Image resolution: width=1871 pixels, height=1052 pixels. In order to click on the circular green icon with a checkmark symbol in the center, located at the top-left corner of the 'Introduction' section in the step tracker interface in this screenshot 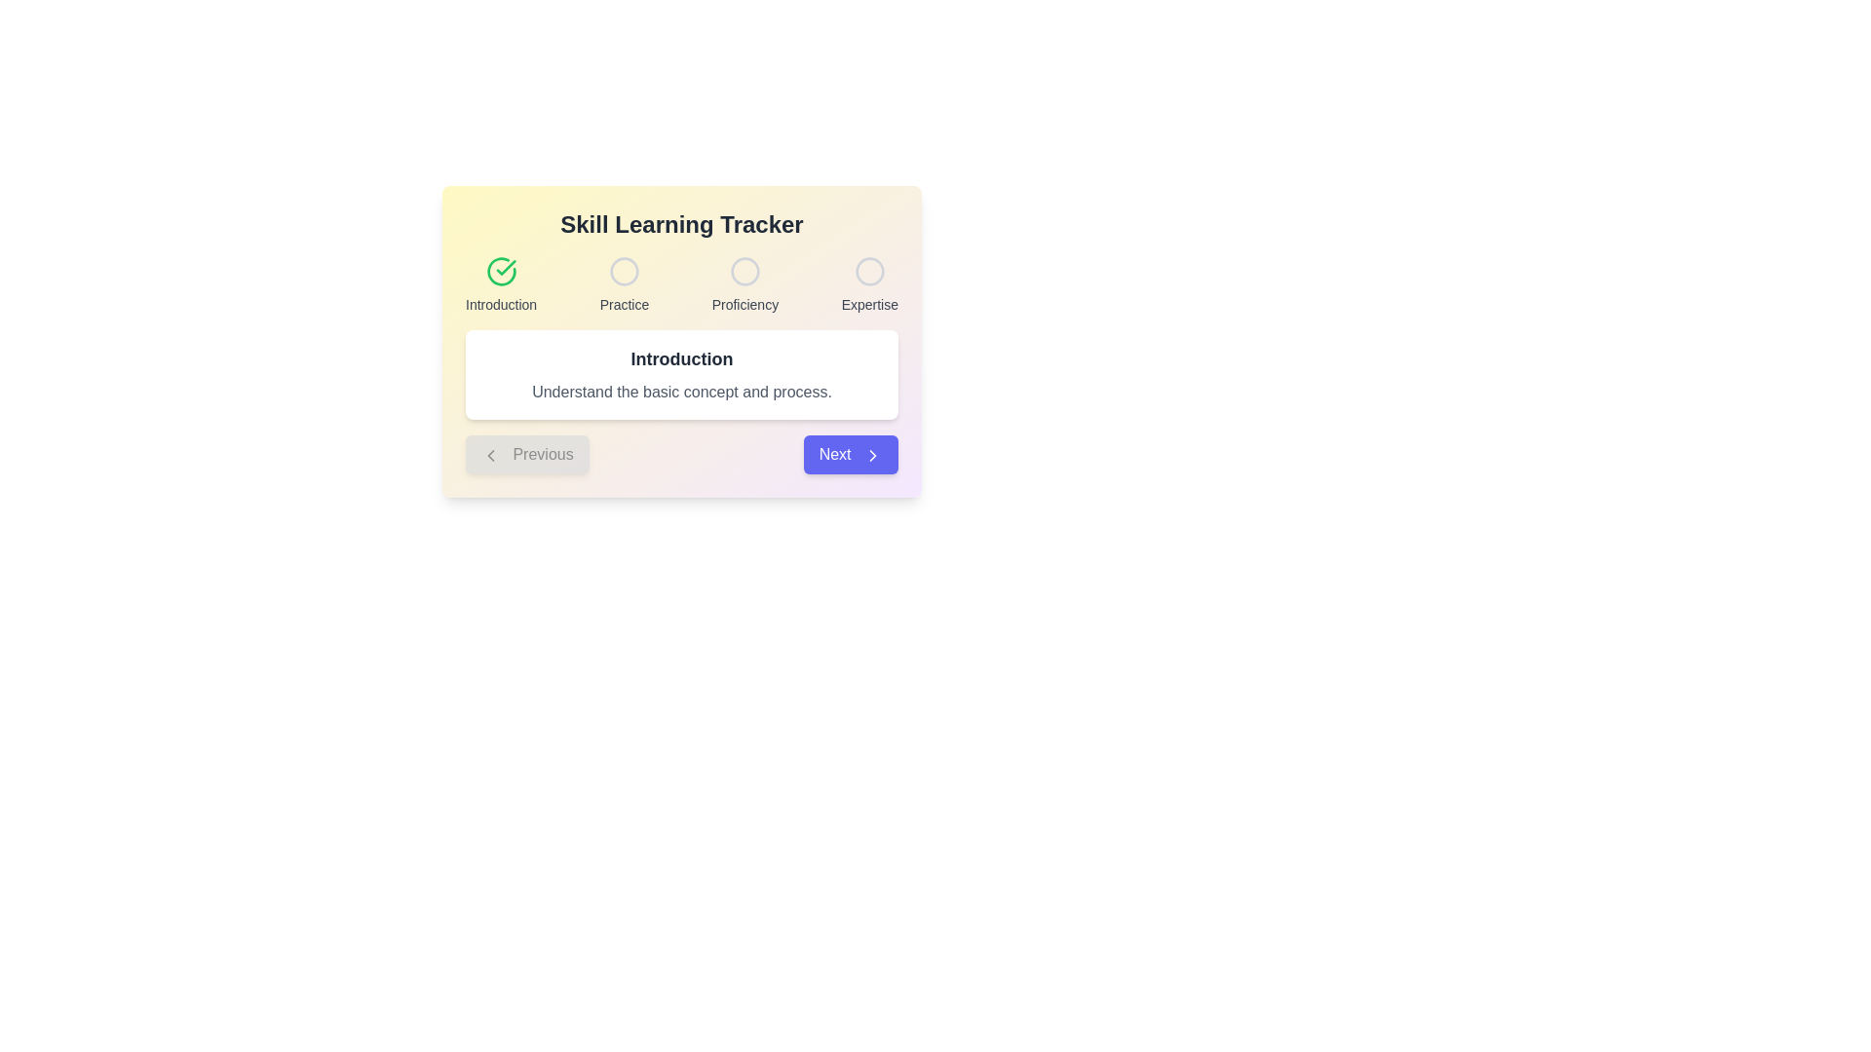, I will do `click(501, 271)`.